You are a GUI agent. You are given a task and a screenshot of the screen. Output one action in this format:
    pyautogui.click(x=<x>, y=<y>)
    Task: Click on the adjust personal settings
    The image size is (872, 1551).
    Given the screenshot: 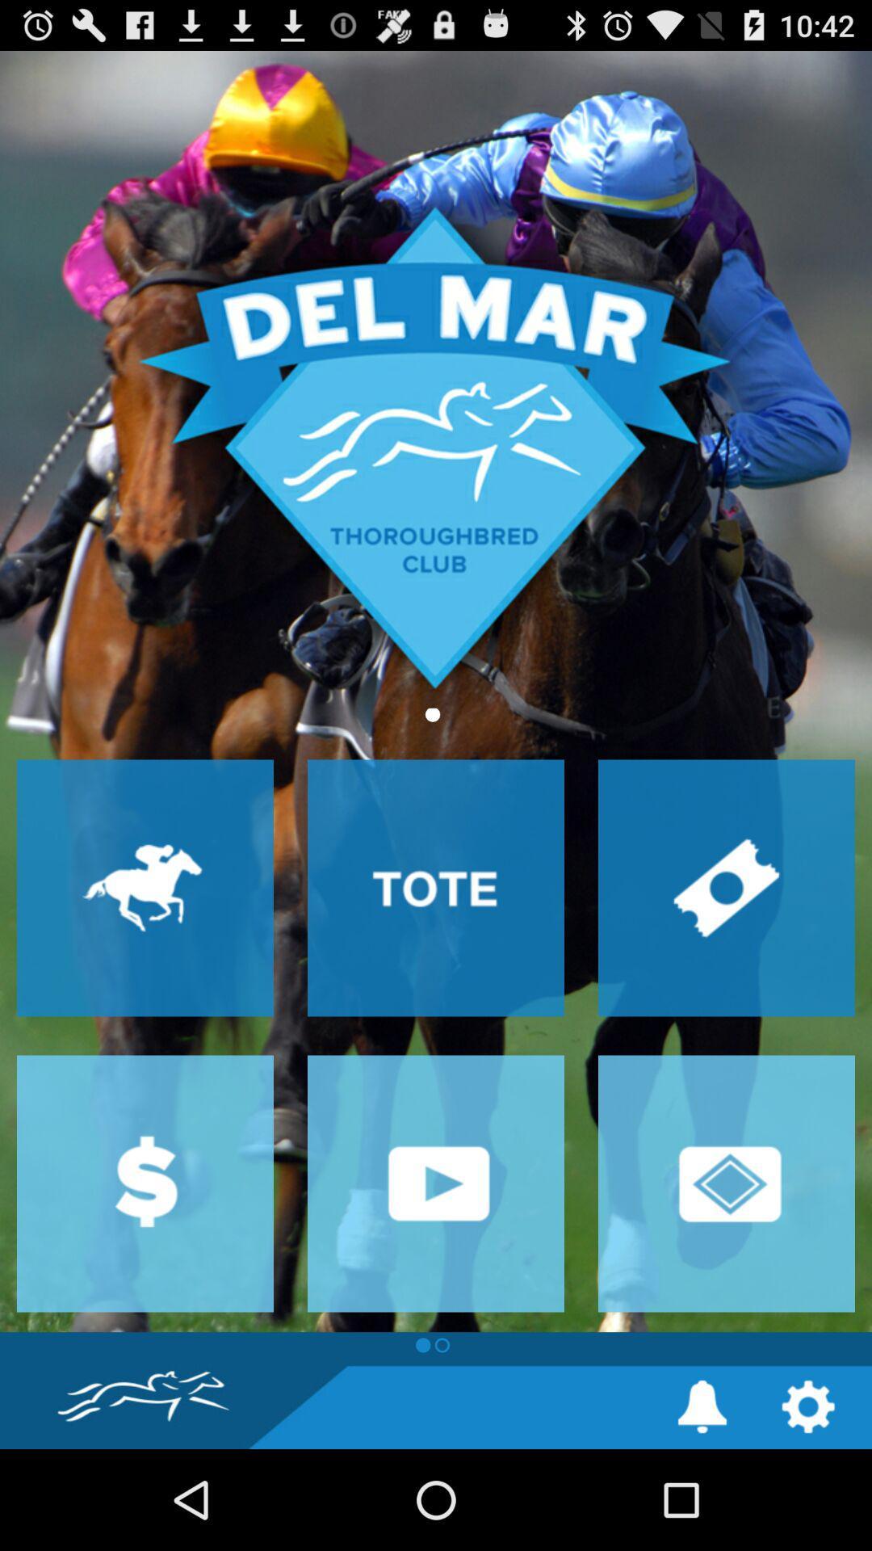 What is the action you would take?
    pyautogui.click(x=808, y=1406)
    